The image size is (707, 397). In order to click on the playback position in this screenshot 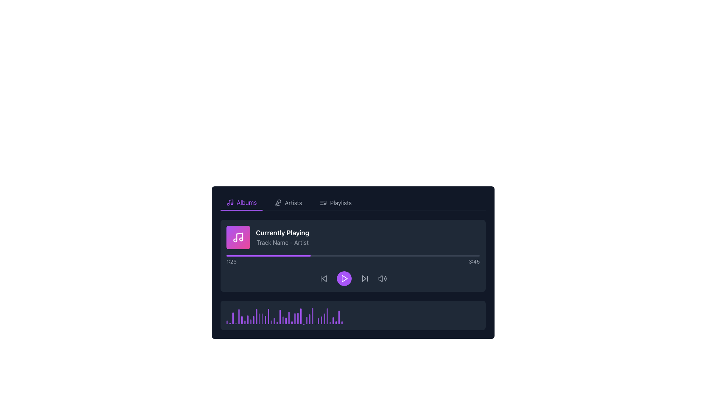, I will do `click(272, 255)`.